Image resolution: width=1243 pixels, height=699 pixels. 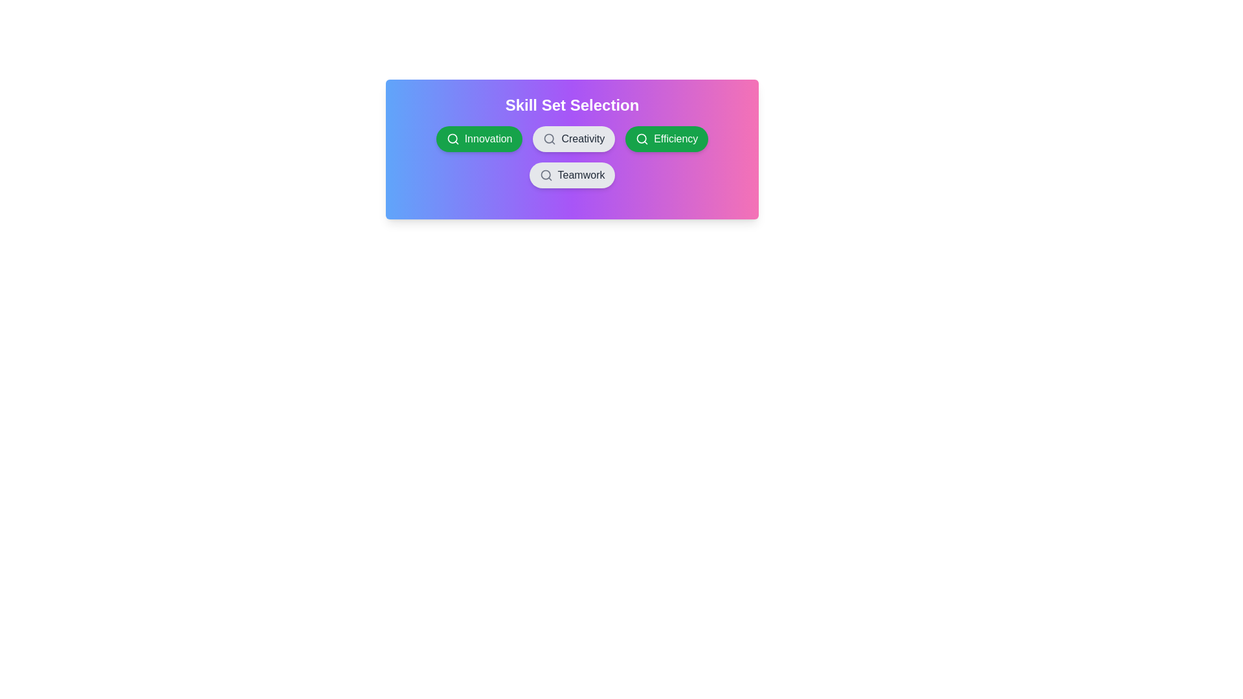 I want to click on the chip labeled Innovation, so click(x=478, y=139).